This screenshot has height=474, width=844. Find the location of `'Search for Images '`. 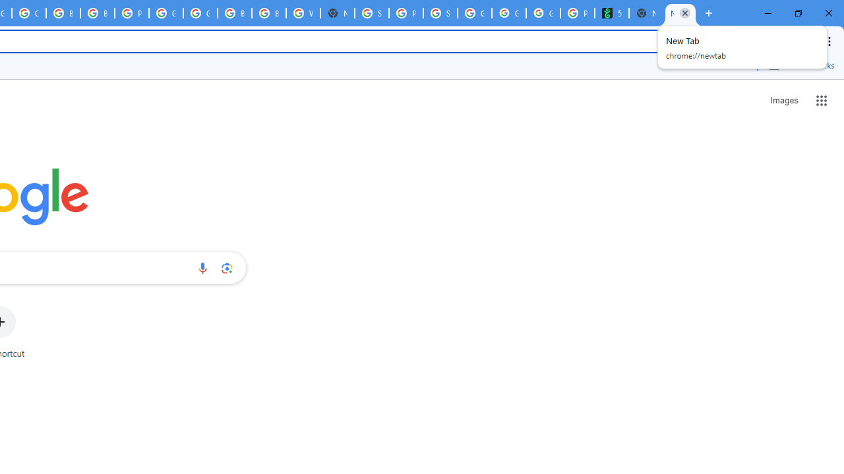

'Search for Images ' is located at coordinates (784, 100).